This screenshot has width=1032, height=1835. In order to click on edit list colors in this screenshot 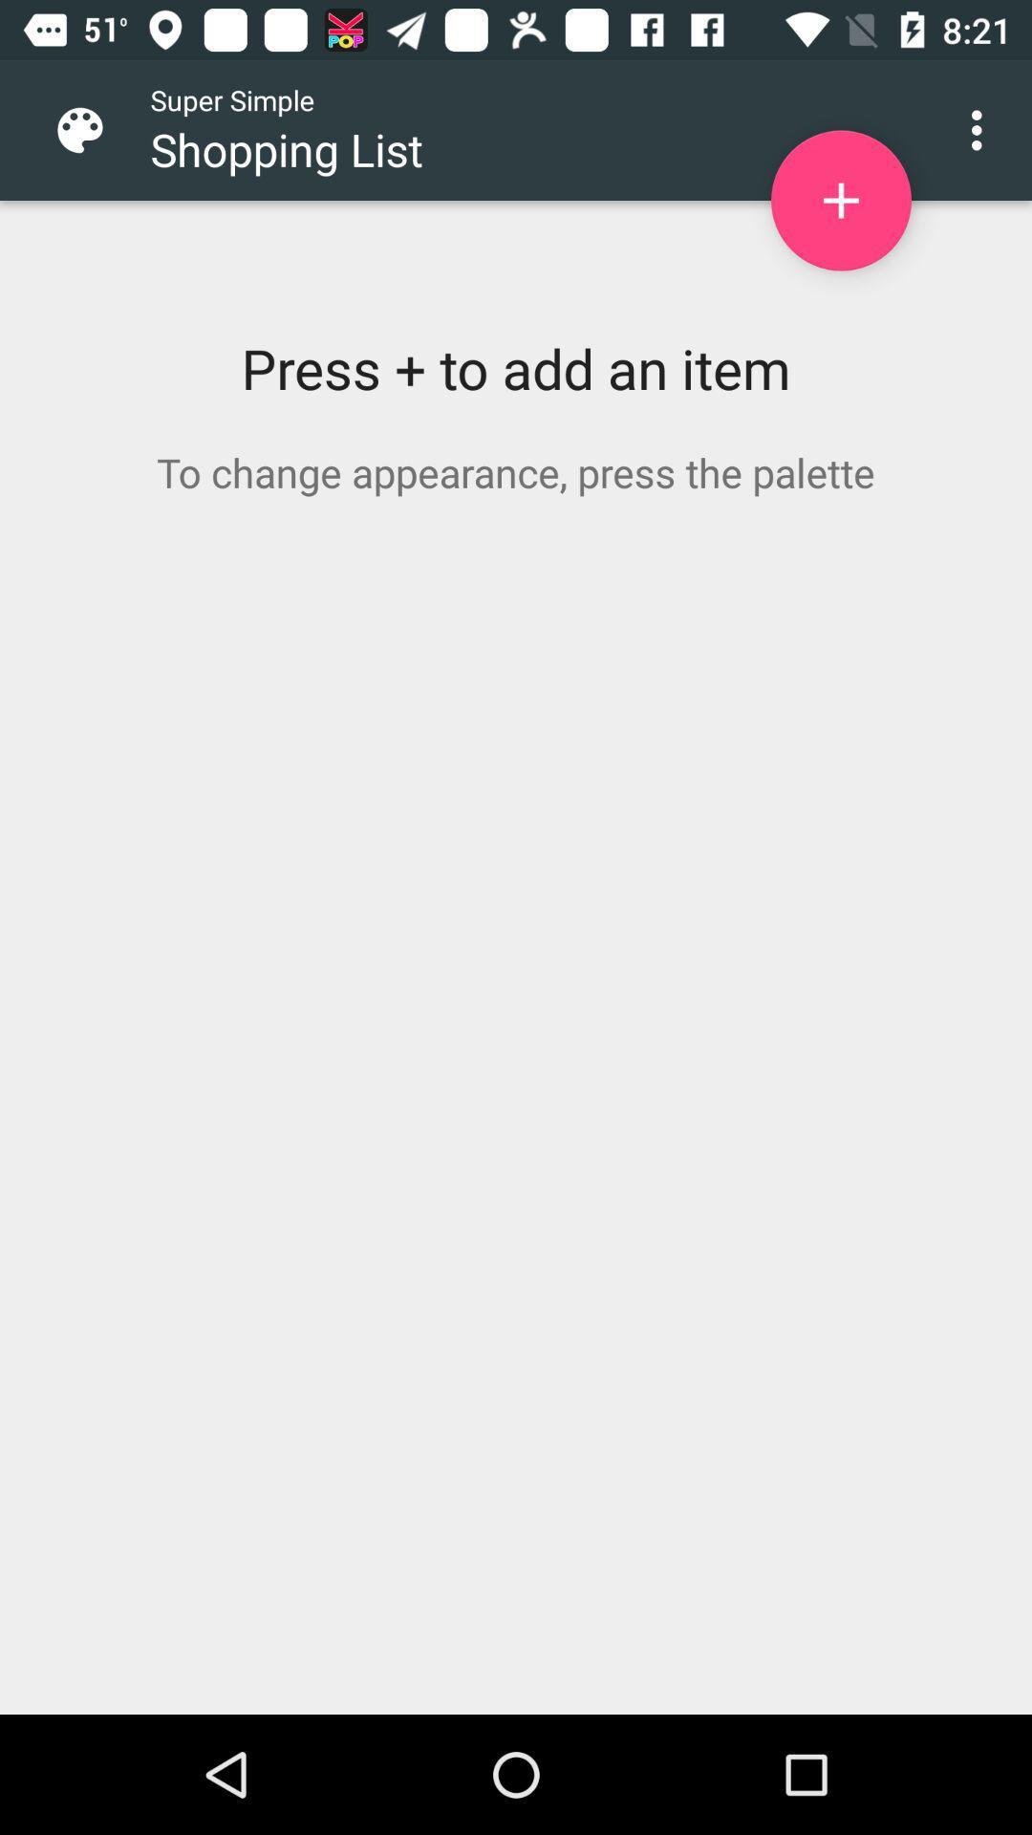, I will do `click(95, 129)`.